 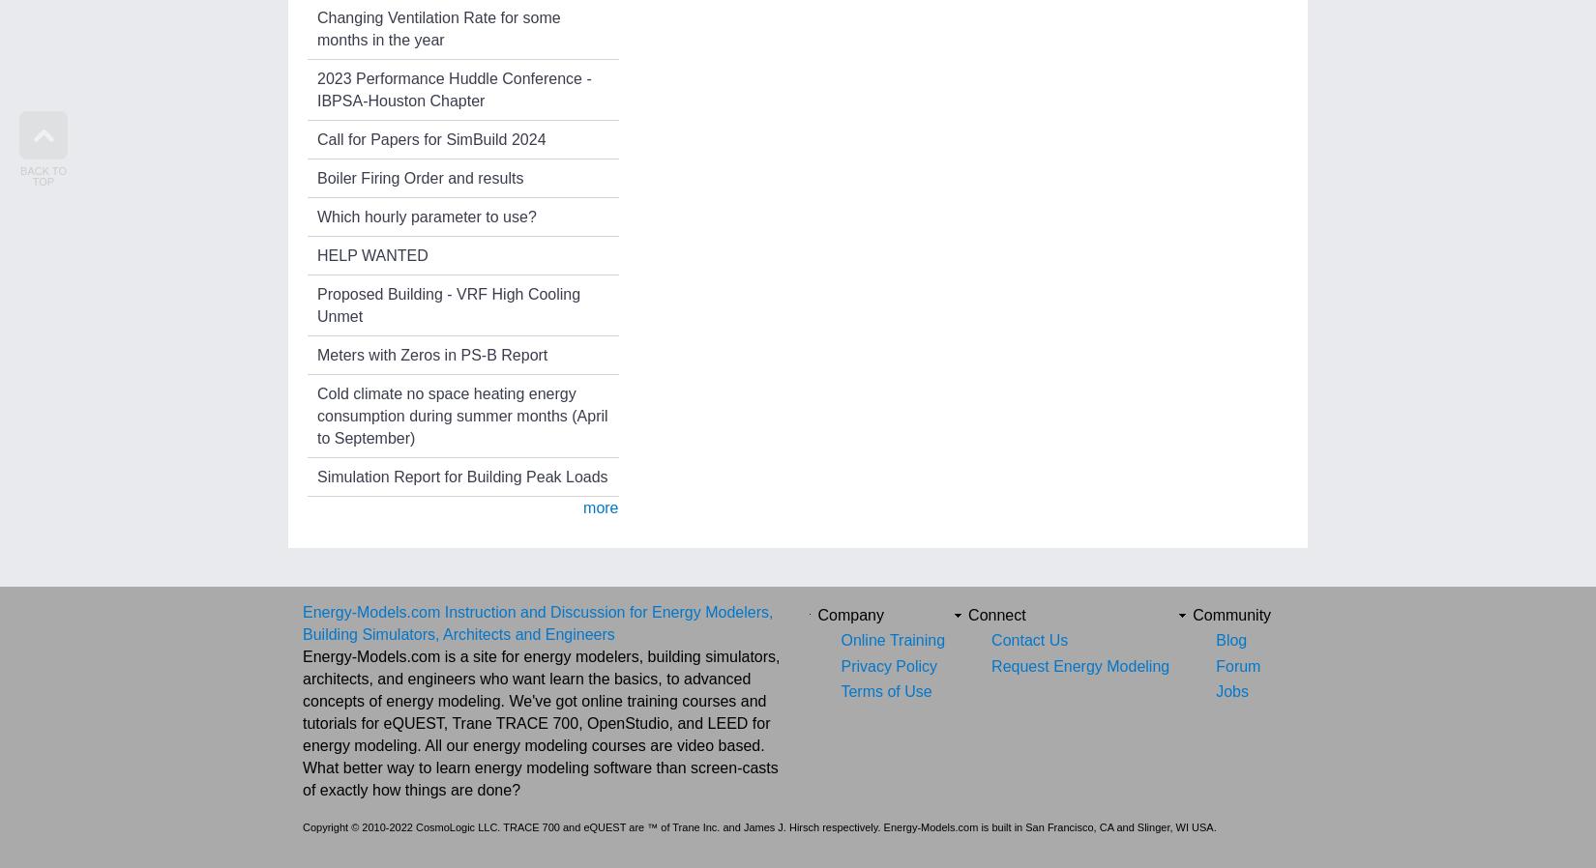 What do you see at coordinates (841, 665) in the screenshot?
I see `'Privacy Policy'` at bounding box center [841, 665].